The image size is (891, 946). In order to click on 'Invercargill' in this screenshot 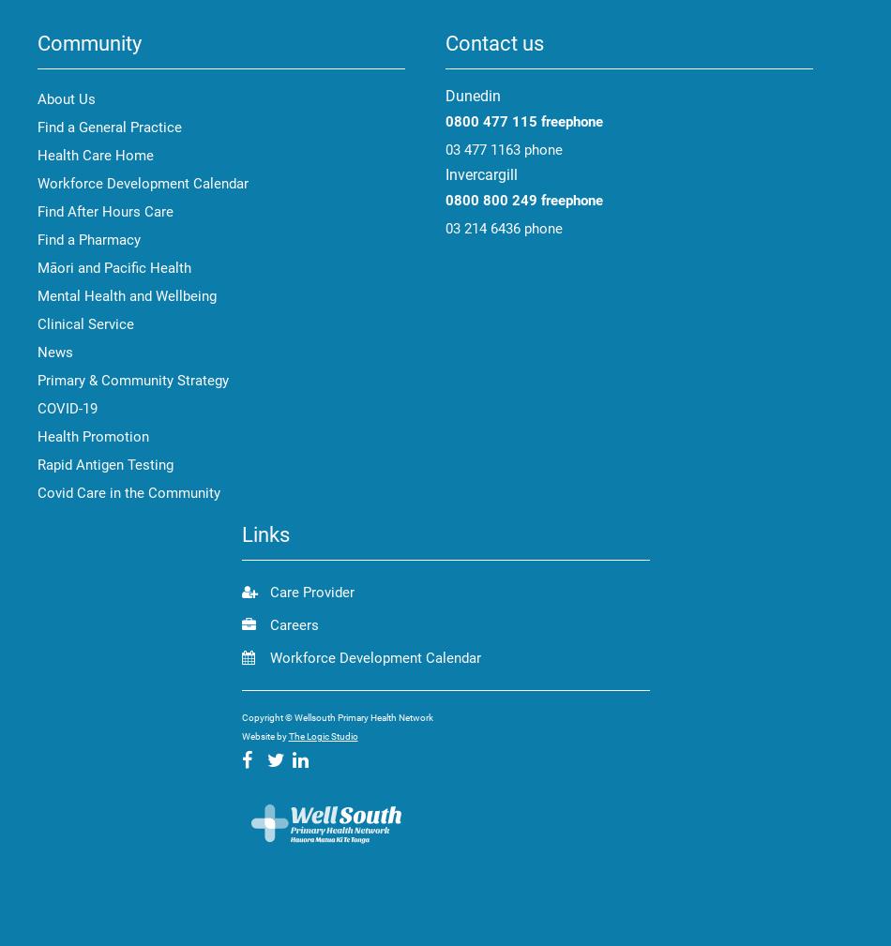, I will do `click(481, 173)`.